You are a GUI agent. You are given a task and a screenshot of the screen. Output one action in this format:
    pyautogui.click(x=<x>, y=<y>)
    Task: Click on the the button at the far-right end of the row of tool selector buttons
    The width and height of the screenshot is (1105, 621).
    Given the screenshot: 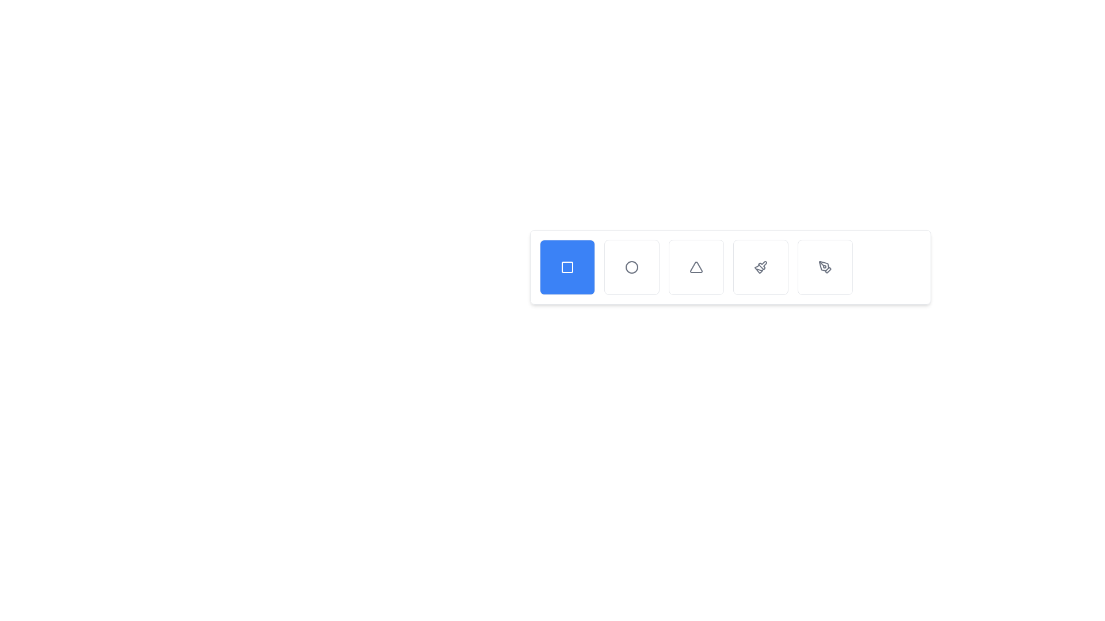 What is the action you would take?
    pyautogui.click(x=825, y=267)
    